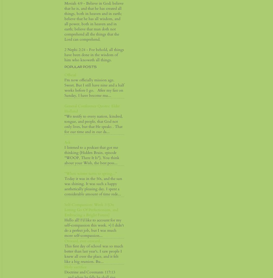  What do you see at coordinates (90, 173) in the screenshot?
I see `'"When winter turns to spring..."'` at bounding box center [90, 173].